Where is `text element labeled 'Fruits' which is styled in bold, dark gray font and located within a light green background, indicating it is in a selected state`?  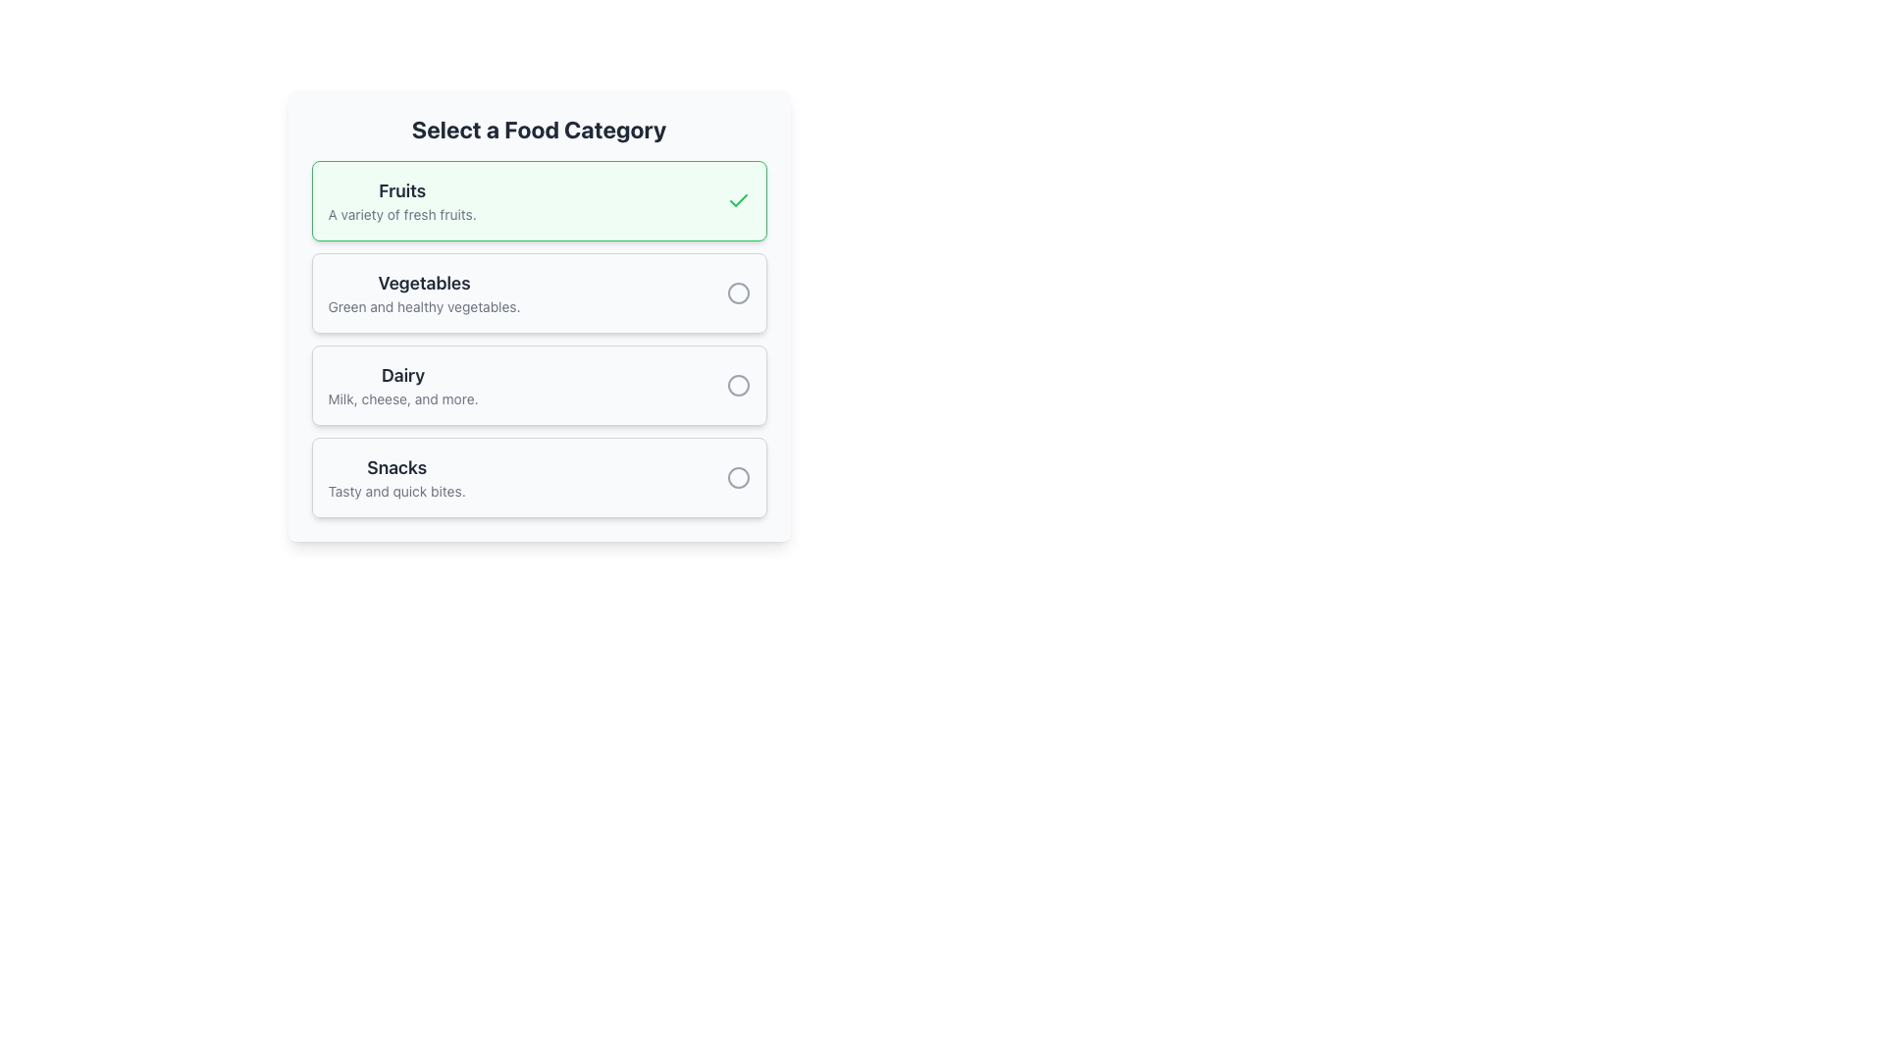
text element labeled 'Fruits' which is styled in bold, dark gray font and located within a light green background, indicating it is in a selected state is located at coordinates (401, 191).